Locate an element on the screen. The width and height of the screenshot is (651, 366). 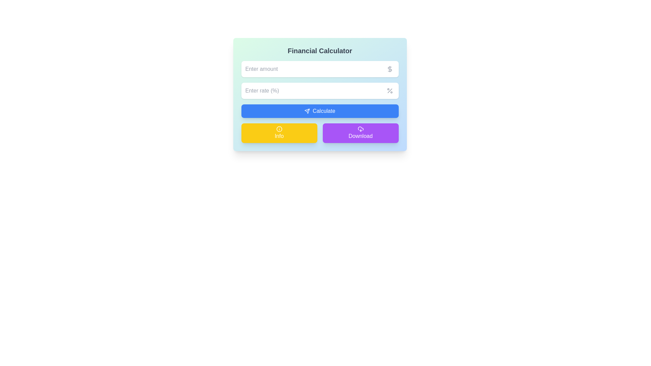
the sending or submitting action icon located to the left of the 'Calculate' button, near the center of the button's vertical axis is located at coordinates (307, 110).